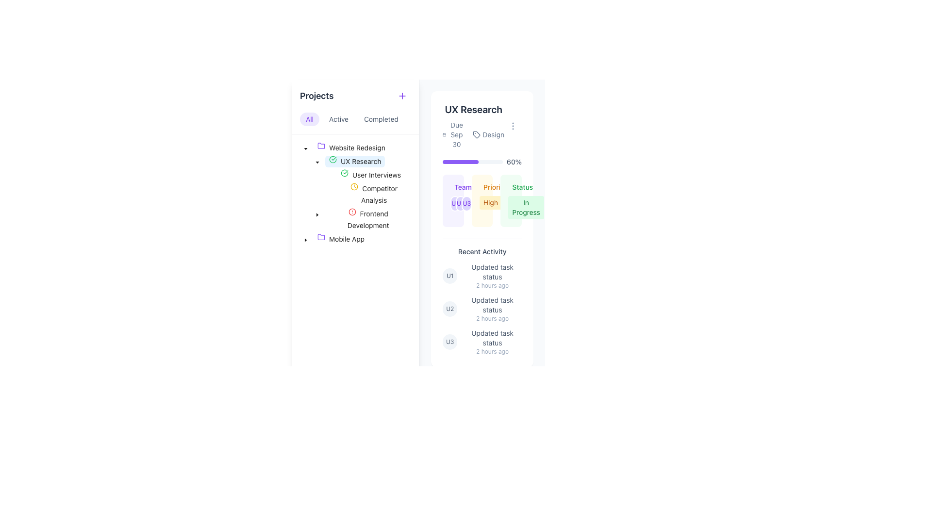 The height and width of the screenshot is (524, 932). What do you see at coordinates (376, 175) in the screenshot?
I see `the 'User Interviews' text label` at bounding box center [376, 175].